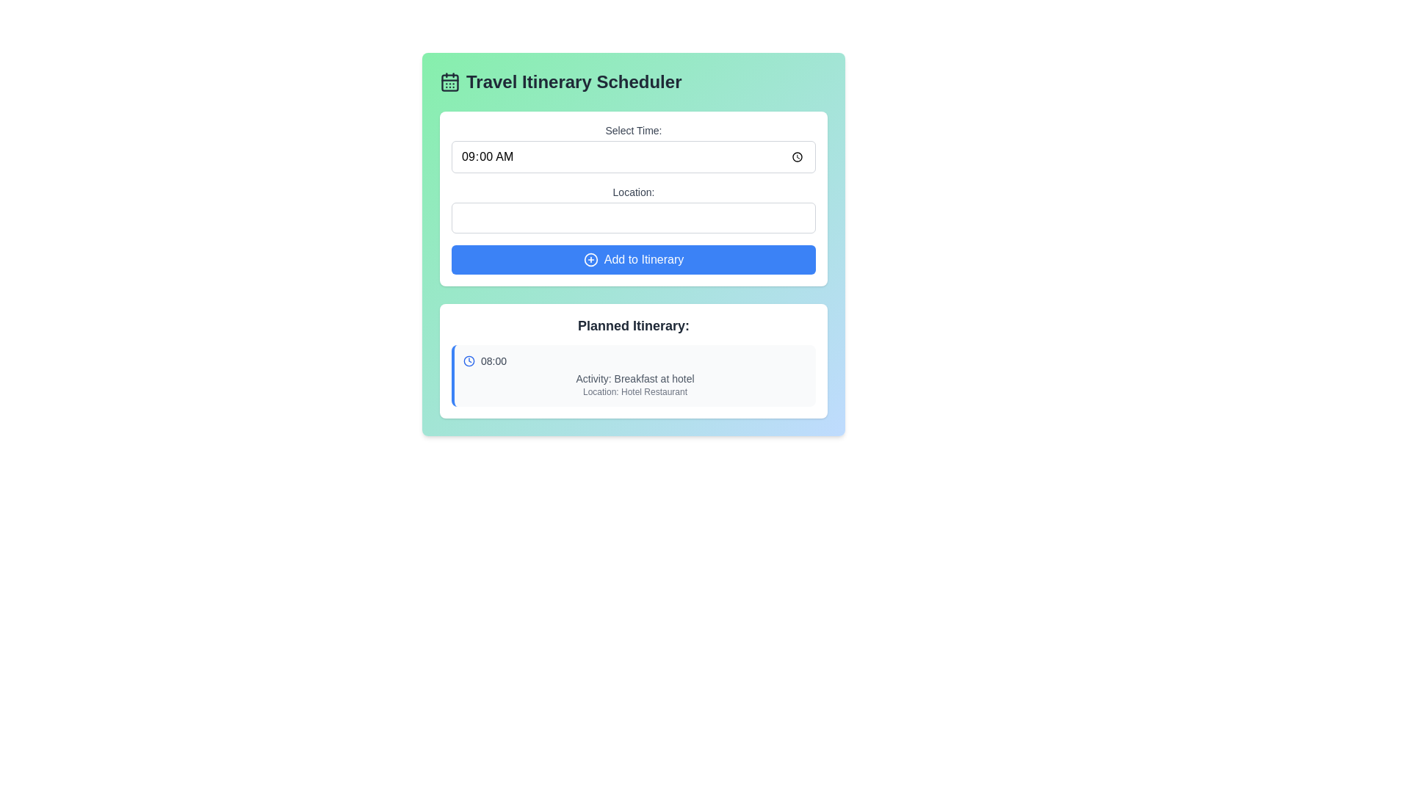 The height and width of the screenshot is (793, 1410). I want to click on the outer ring of the clock-like icon located at the right side of the 'Select Time' field, so click(468, 361).